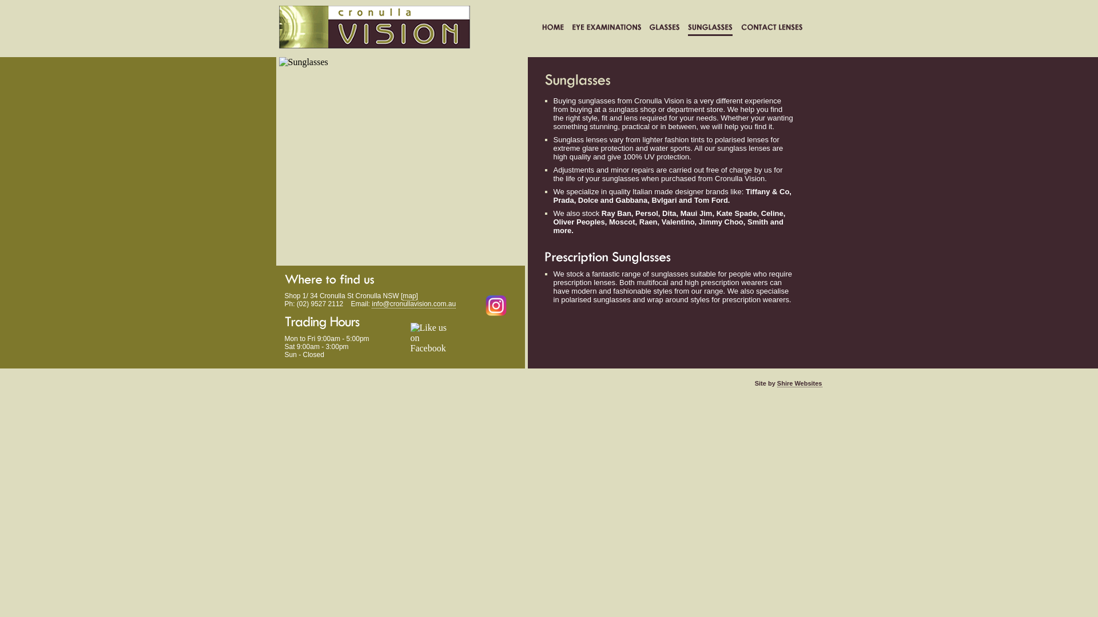  I want to click on 'Eye Examinations', so click(606, 29).